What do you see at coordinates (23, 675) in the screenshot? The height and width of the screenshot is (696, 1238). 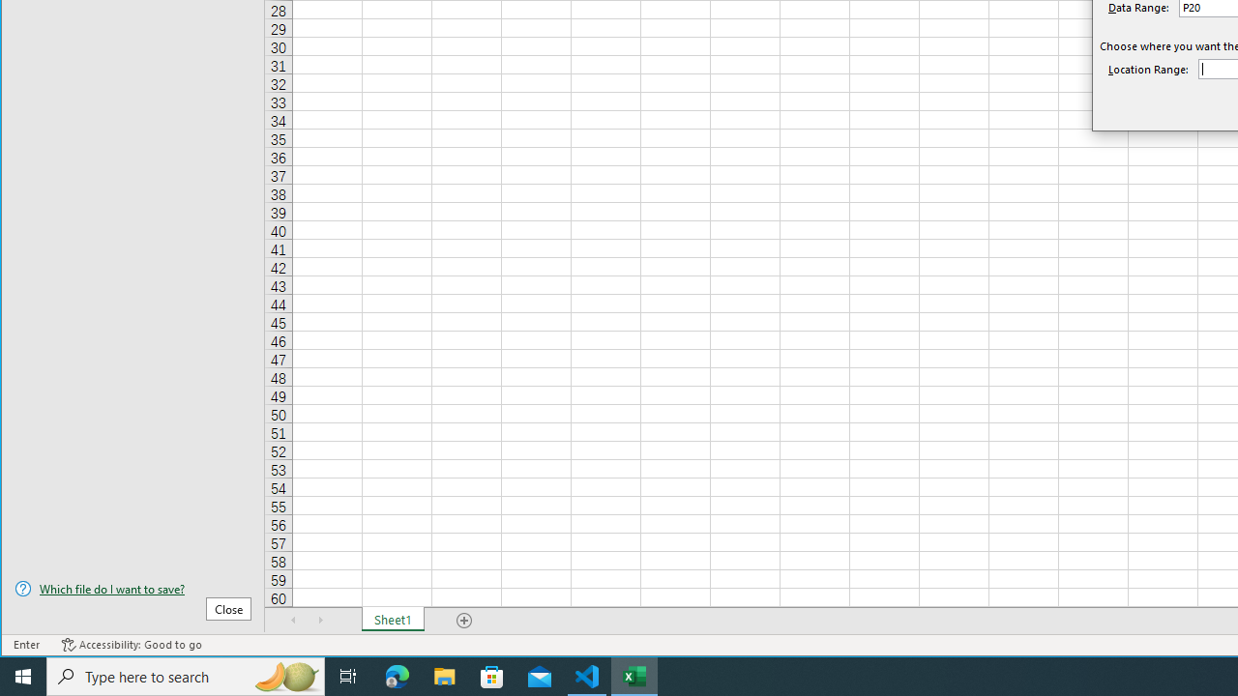 I see `'Start'` at bounding box center [23, 675].